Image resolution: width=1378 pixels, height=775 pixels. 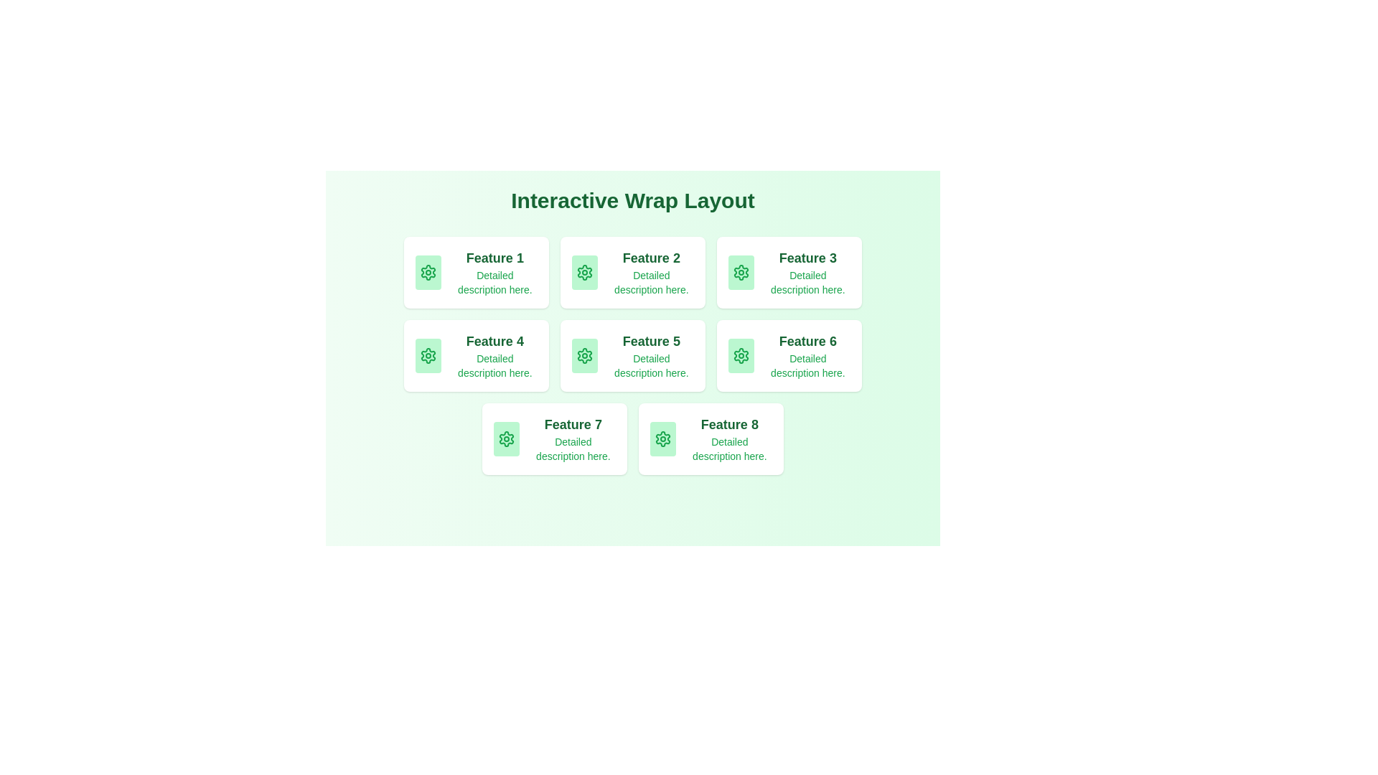 I want to click on the text element reading 'Feature 1', which is styled with a bold font and a green color, located in the first row and first column of the grid layout, so click(x=495, y=257).